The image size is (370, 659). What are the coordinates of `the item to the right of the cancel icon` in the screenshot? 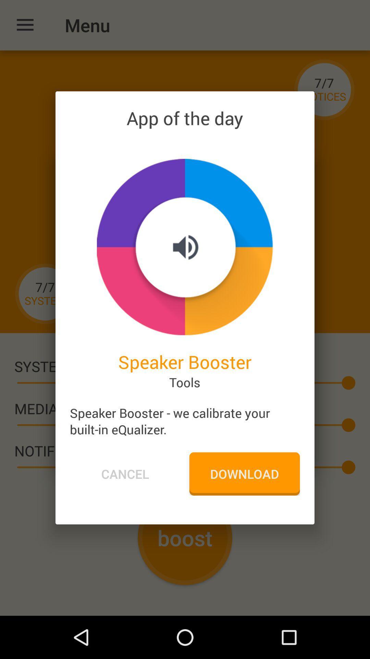 It's located at (244, 473).